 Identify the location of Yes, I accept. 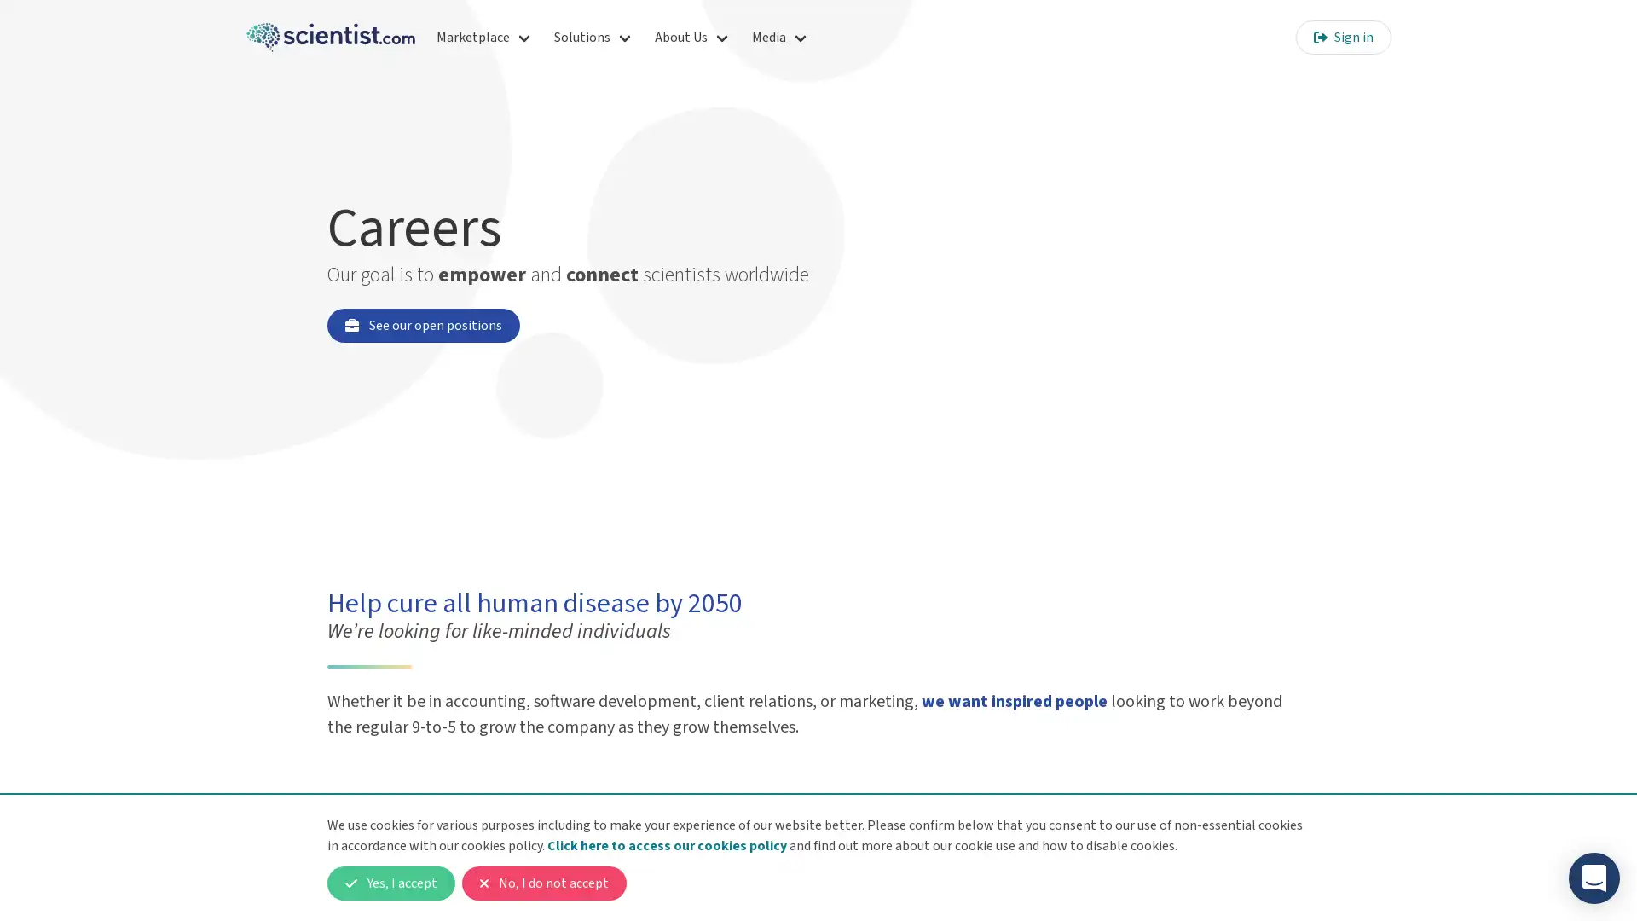
(390, 883).